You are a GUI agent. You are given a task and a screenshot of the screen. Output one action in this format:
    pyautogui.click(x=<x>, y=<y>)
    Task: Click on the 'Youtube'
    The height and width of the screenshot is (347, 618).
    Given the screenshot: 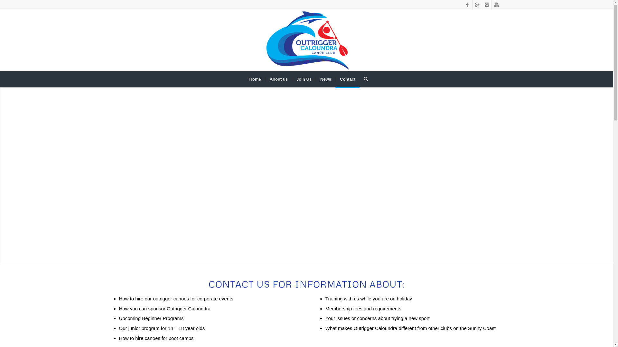 What is the action you would take?
    pyautogui.click(x=496, y=5)
    